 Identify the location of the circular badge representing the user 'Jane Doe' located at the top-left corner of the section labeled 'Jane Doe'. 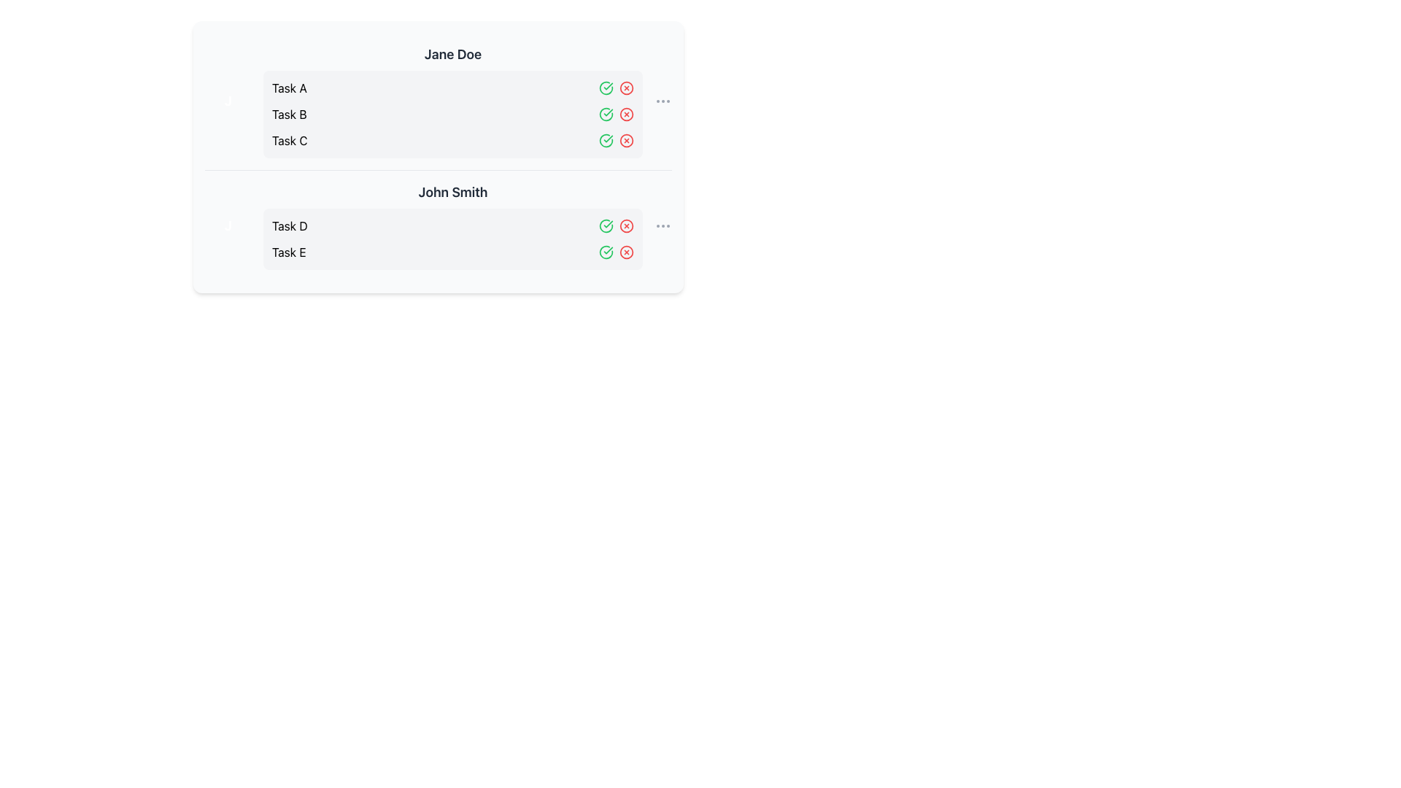
(227, 100).